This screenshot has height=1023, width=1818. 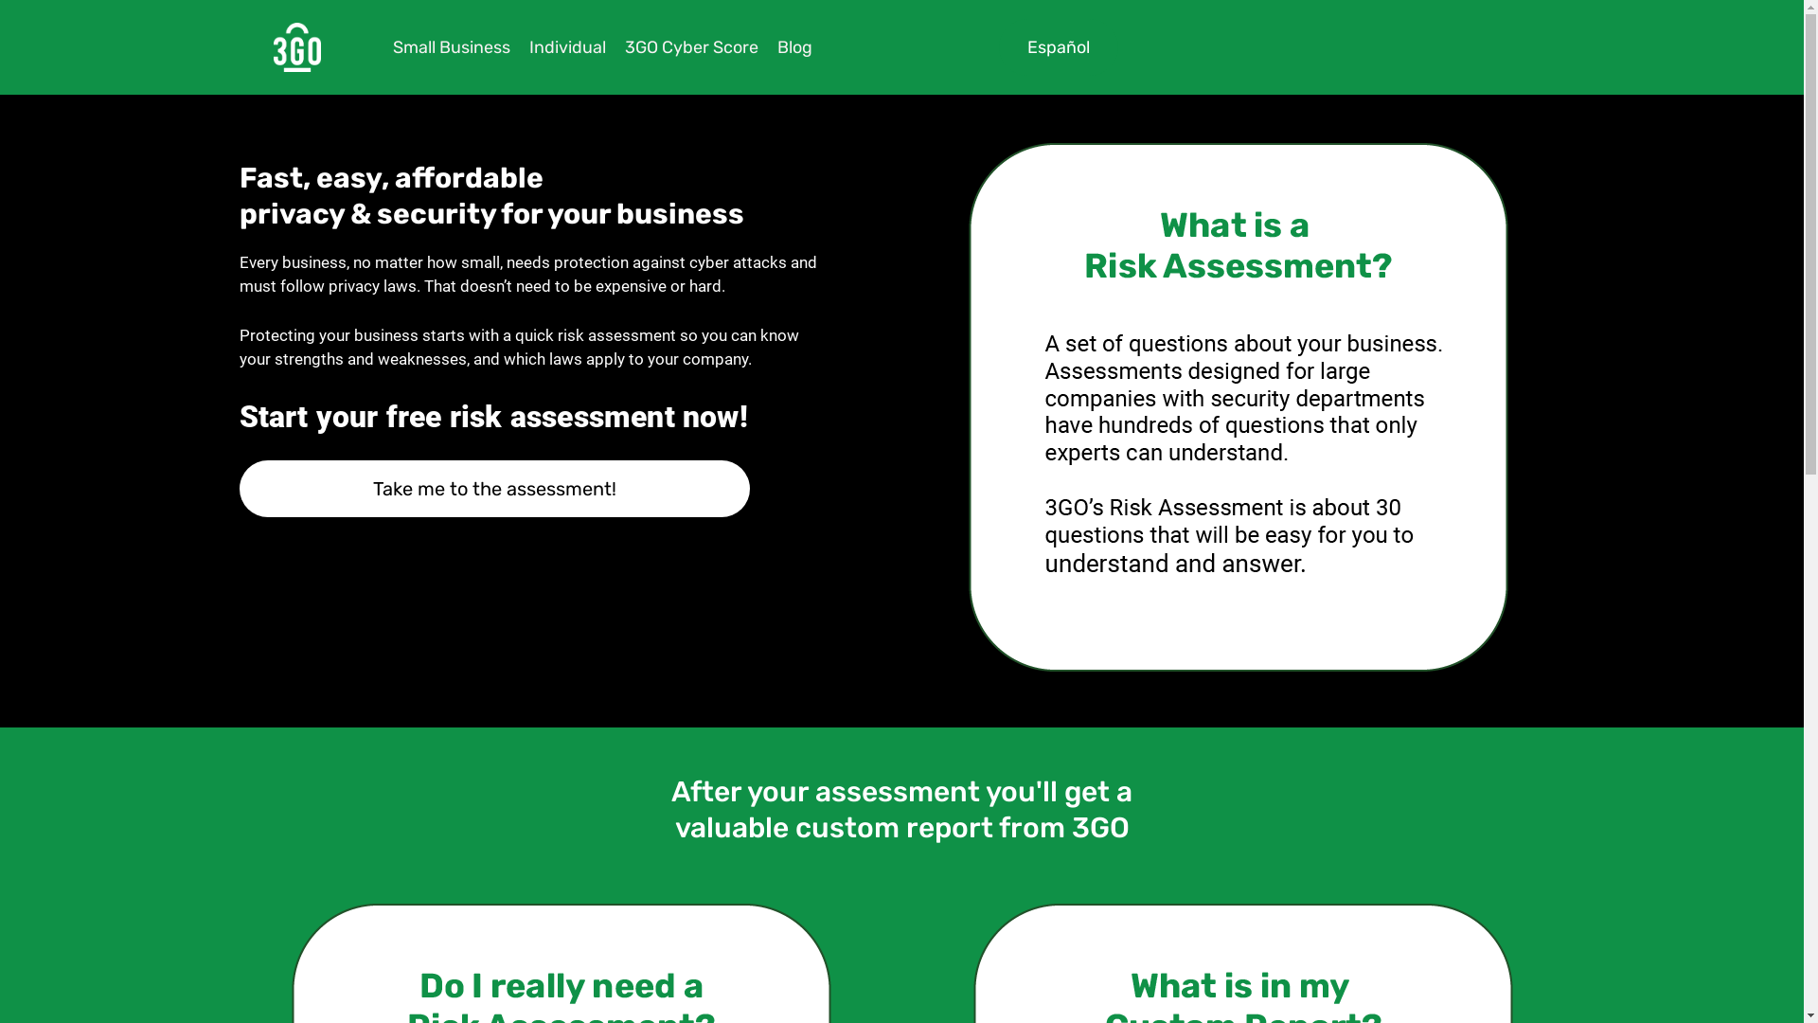 What do you see at coordinates (690, 46) in the screenshot?
I see `'3GO Cyber Score'` at bounding box center [690, 46].